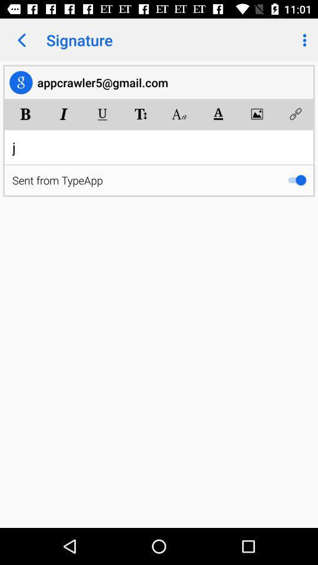 This screenshot has width=318, height=565. What do you see at coordinates (21, 40) in the screenshot?
I see `the icon next to the signature app` at bounding box center [21, 40].